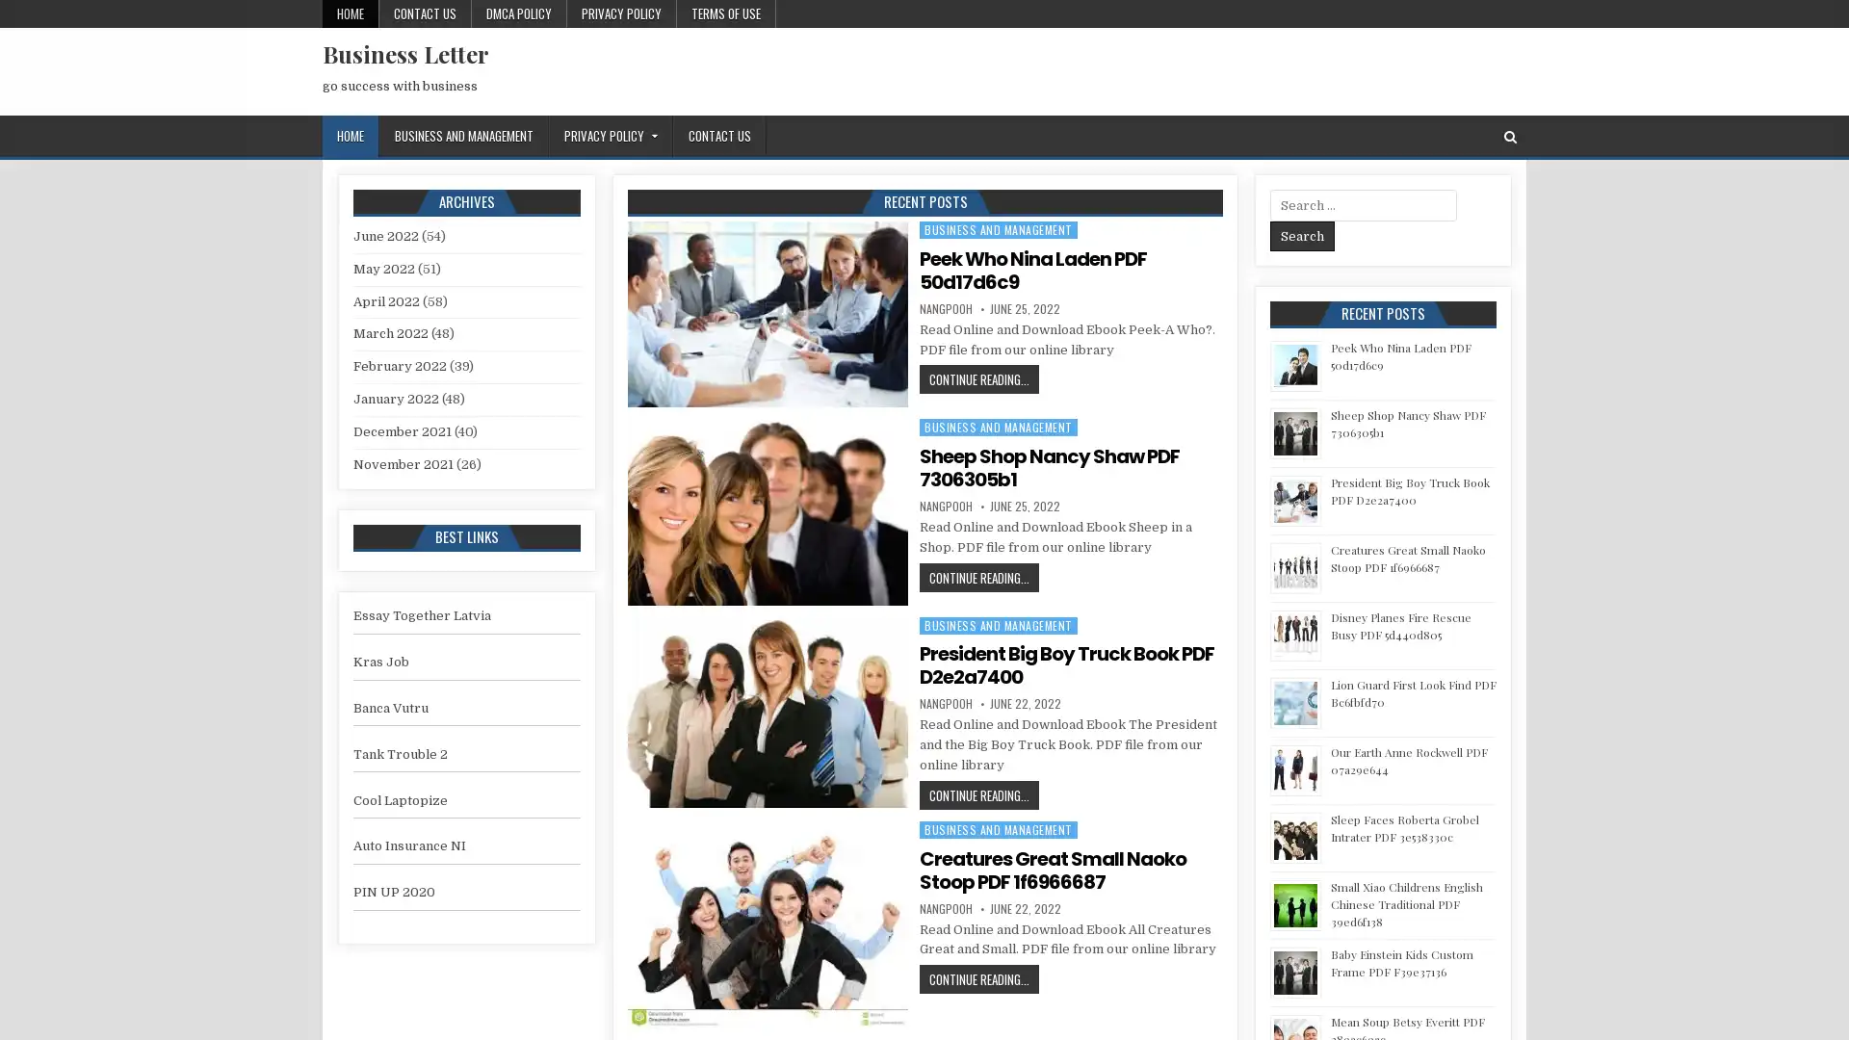 The image size is (1849, 1040). I want to click on Search, so click(1301, 235).